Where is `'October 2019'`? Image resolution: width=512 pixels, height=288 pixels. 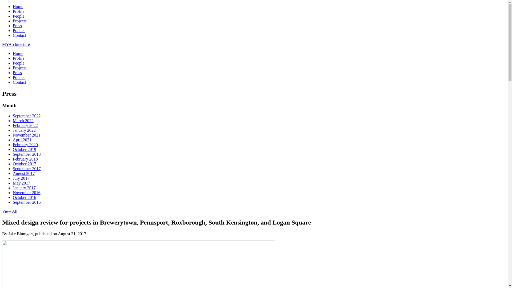
'October 2019' is located at coordinates (24, 149).